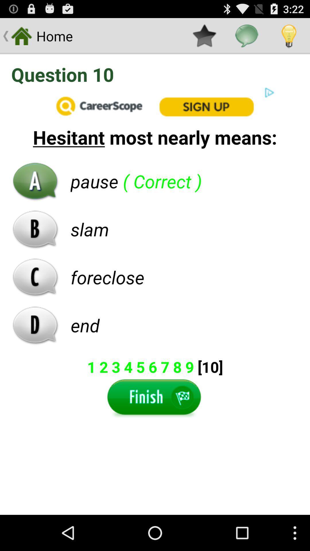 This screenshot has width=310, height=551. I want to click on c, so click(35, 277).